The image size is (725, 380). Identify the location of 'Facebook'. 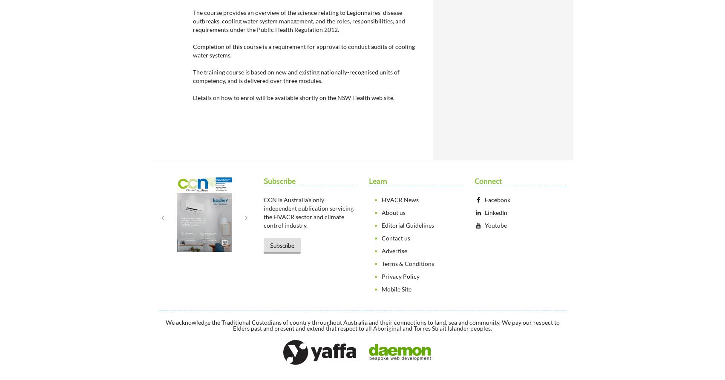
(497, 199).